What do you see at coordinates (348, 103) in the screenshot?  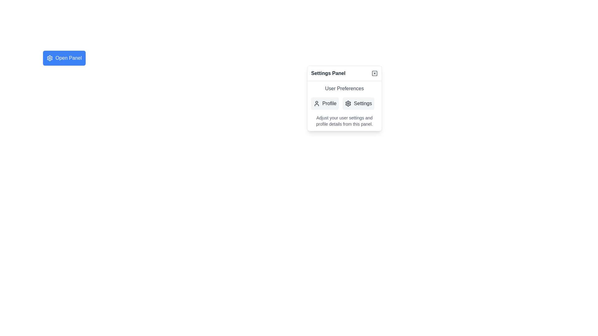 I see `the gear-shaped icon representing settings, which is located within the 'Settings' button on the 'Settings Panel'` at bounding box center [348, 103].